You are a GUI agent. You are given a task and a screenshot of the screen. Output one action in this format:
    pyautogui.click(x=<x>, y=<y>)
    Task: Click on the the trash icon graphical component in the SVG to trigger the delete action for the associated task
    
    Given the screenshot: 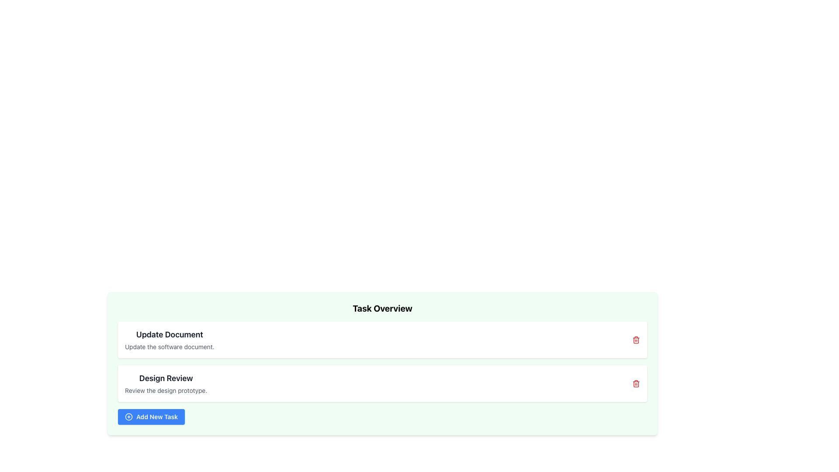 What is the action you would take?
    pyautogui.click(x=636, y=340)
    